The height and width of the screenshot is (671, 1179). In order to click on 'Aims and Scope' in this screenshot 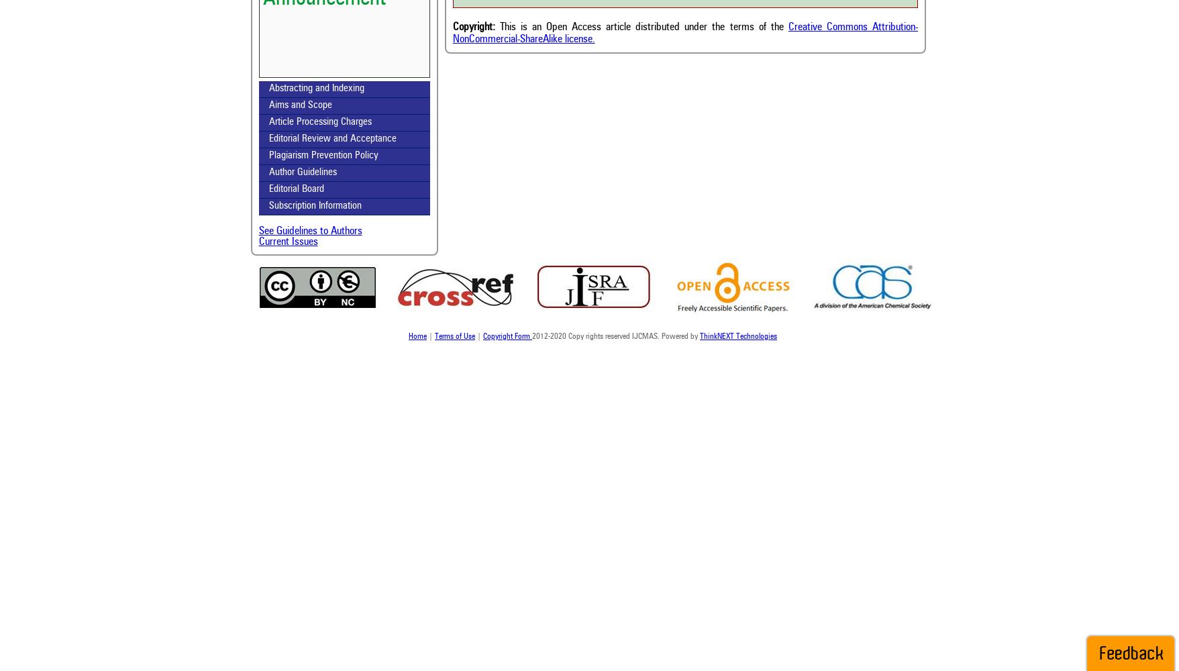, I will do `click(268, 105)`.